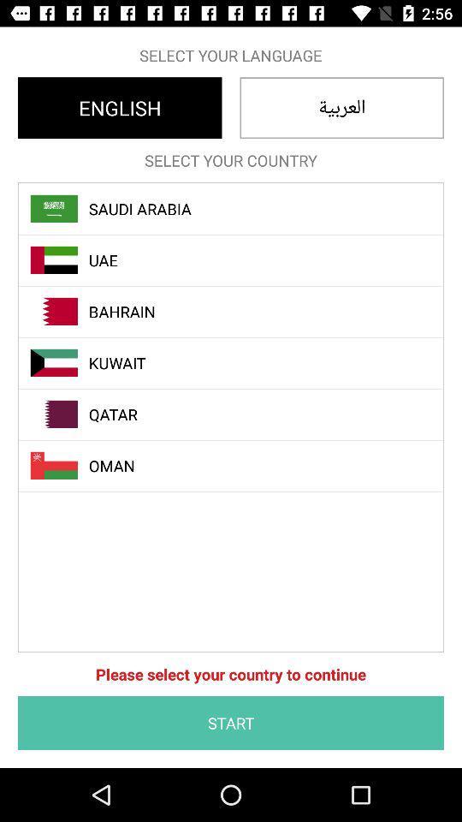 The height and width of the screenshot is (822, 462). What do you see at coordinates (119, 107) in the screenshot?
I see `the icon above select your country icon` at bounding box center [119, 107].